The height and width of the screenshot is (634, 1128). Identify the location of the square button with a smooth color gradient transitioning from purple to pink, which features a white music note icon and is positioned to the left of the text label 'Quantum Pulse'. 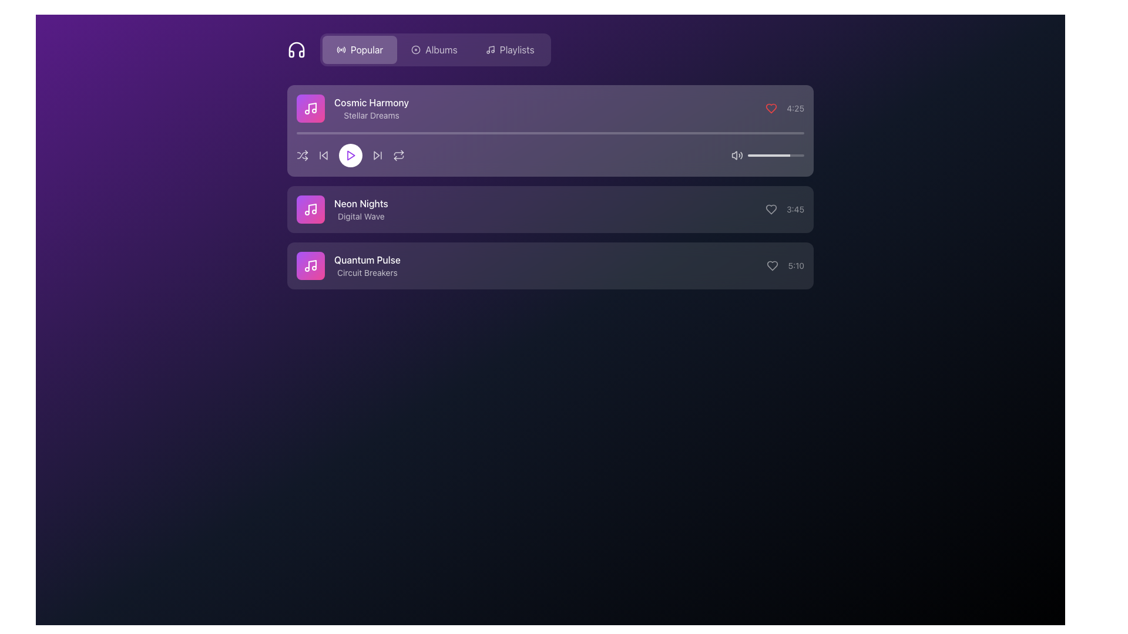
(310, 265).